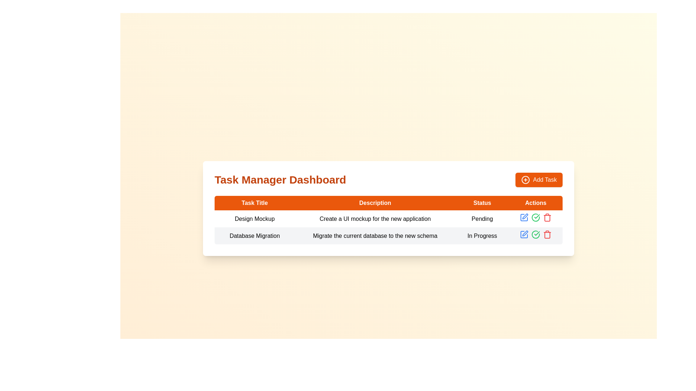  Describe the element at coordinates (375, 236) in the screenshot. I see `the text content in the second row under the 'Description' column of the tabular grid, which describes the task related to database migration` at that location.